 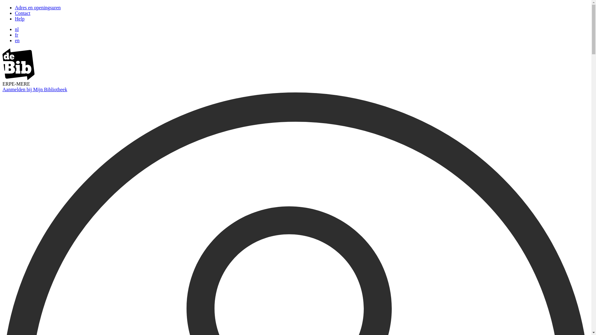 I want to click on 'nl', so click(x=16, y=29).